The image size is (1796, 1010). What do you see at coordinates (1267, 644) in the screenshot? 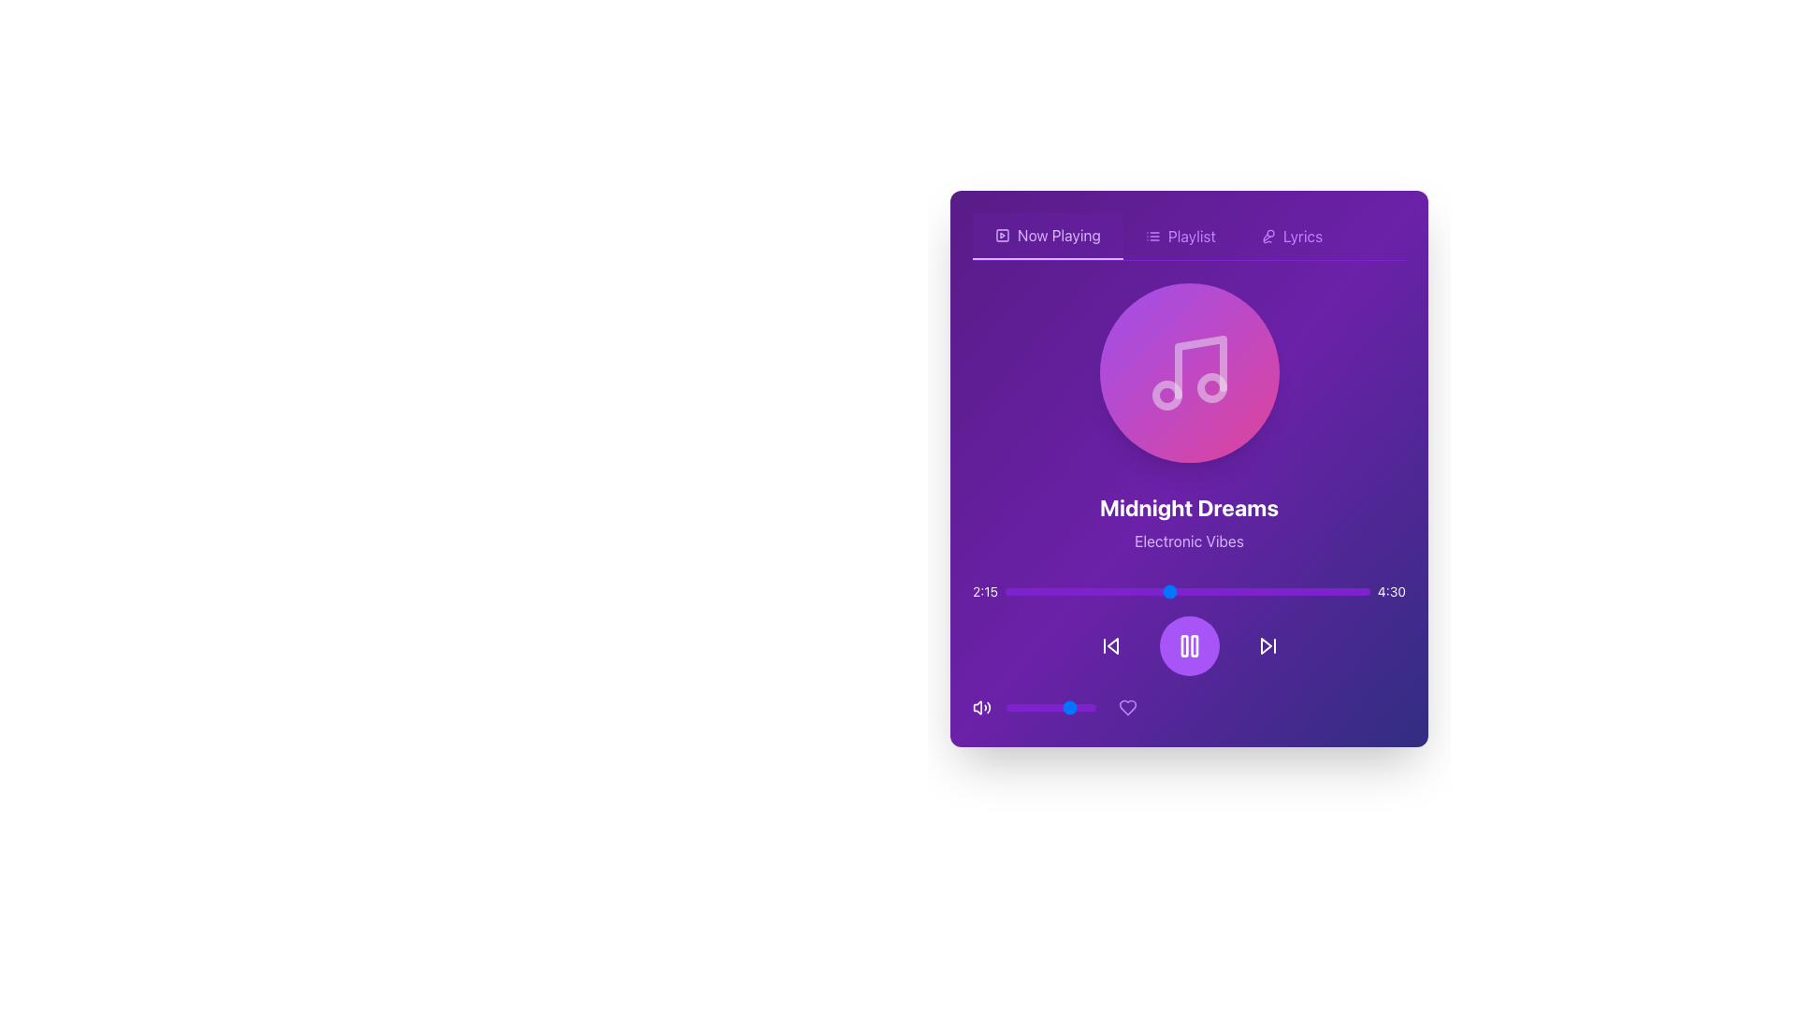
I see `the Icon button that skips to the next media in the playlist, located to the right of the circular pause button in the media control bar` at bounding box center [1267, 644].